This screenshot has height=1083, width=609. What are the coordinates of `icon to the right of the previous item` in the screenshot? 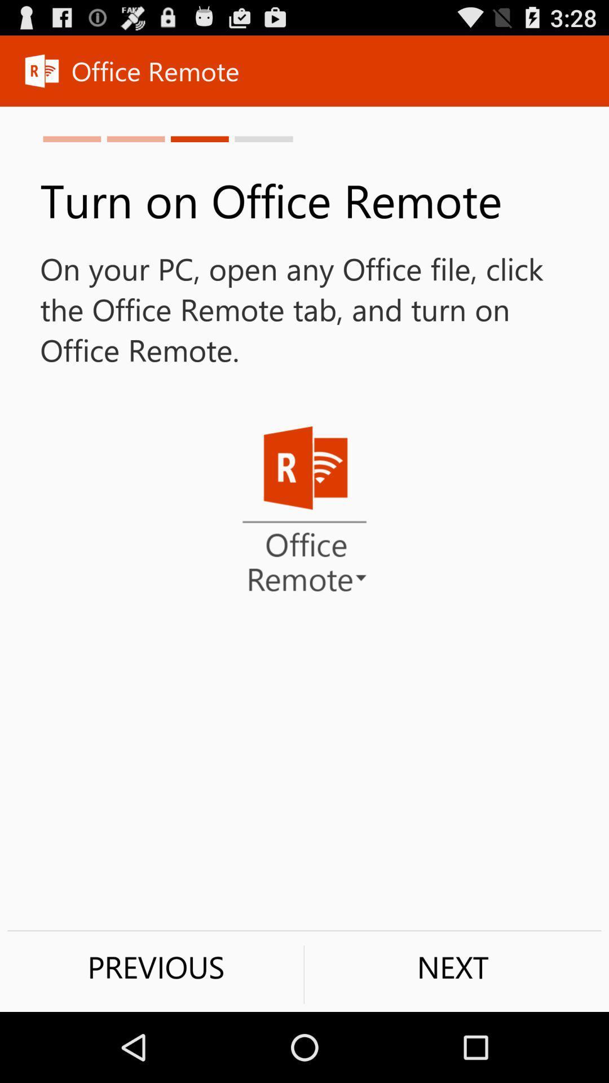 It's located at (452, 966).